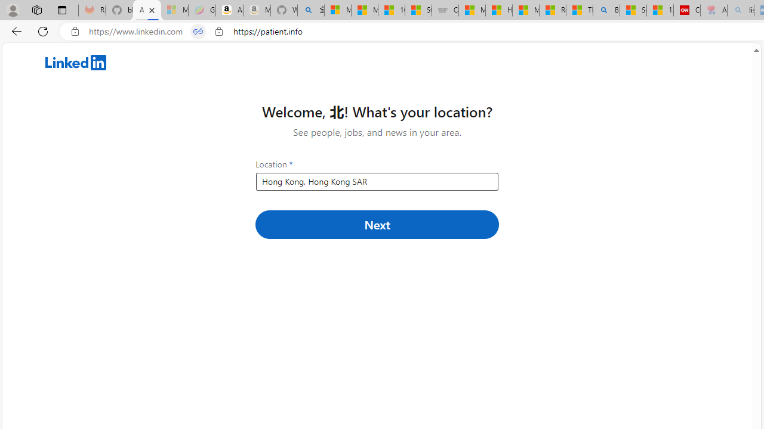 This screenshot has width=764, height=429. What do you see at coordinates (146, 10) in the screenshot?
I see `'Asthma Inhalers: Names and Types'` at bounding box center [146, 10].